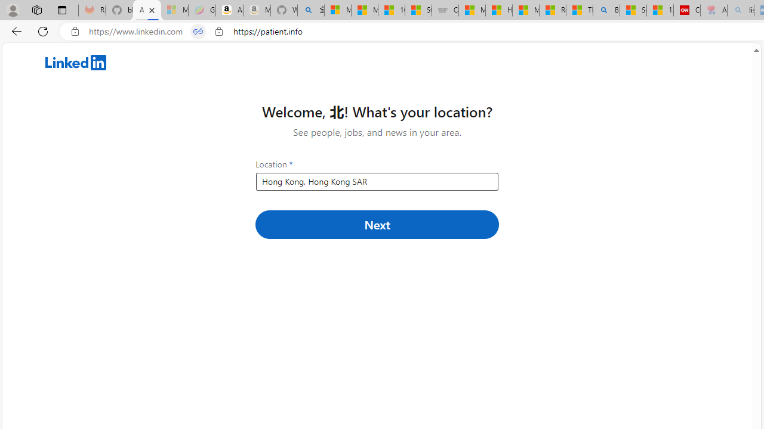 This screenshot has width=764, height=429. What do you see at coordinates (146, 10) in the screenshot?
I see `'Asthma Inhalers: Names and Types'` at bounding box center [146, 10].